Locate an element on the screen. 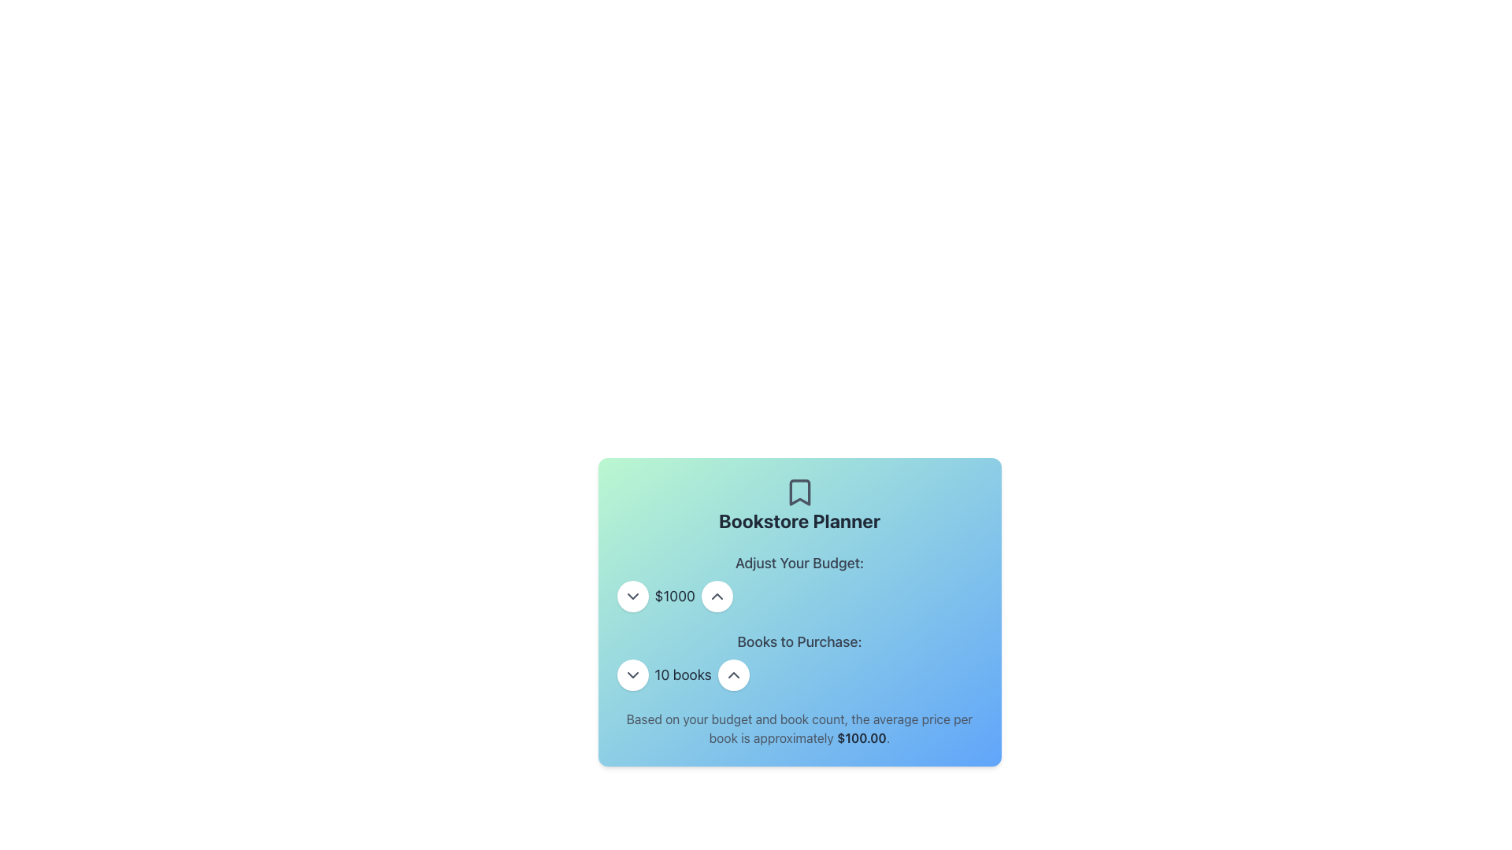  the text display element showing '$100.00' in bold gray font, which is the average price per book in the 'Bookstore Planner' card is located at coordinates (861, 737).